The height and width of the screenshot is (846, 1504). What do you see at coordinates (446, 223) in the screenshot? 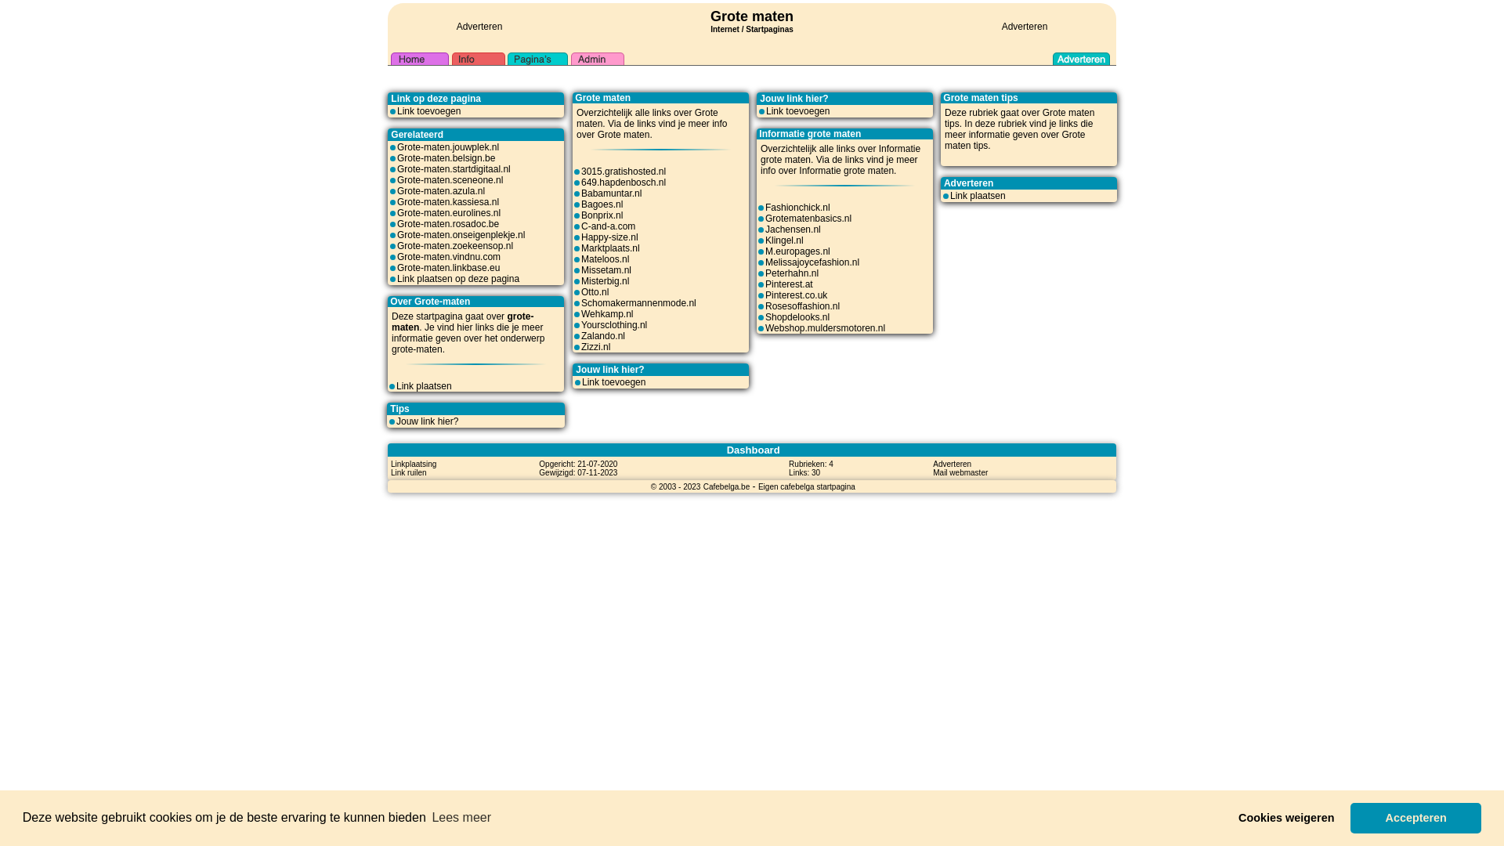
I see `'Grote-maten.rosadoc.be'` at bounding box center [446, 223].